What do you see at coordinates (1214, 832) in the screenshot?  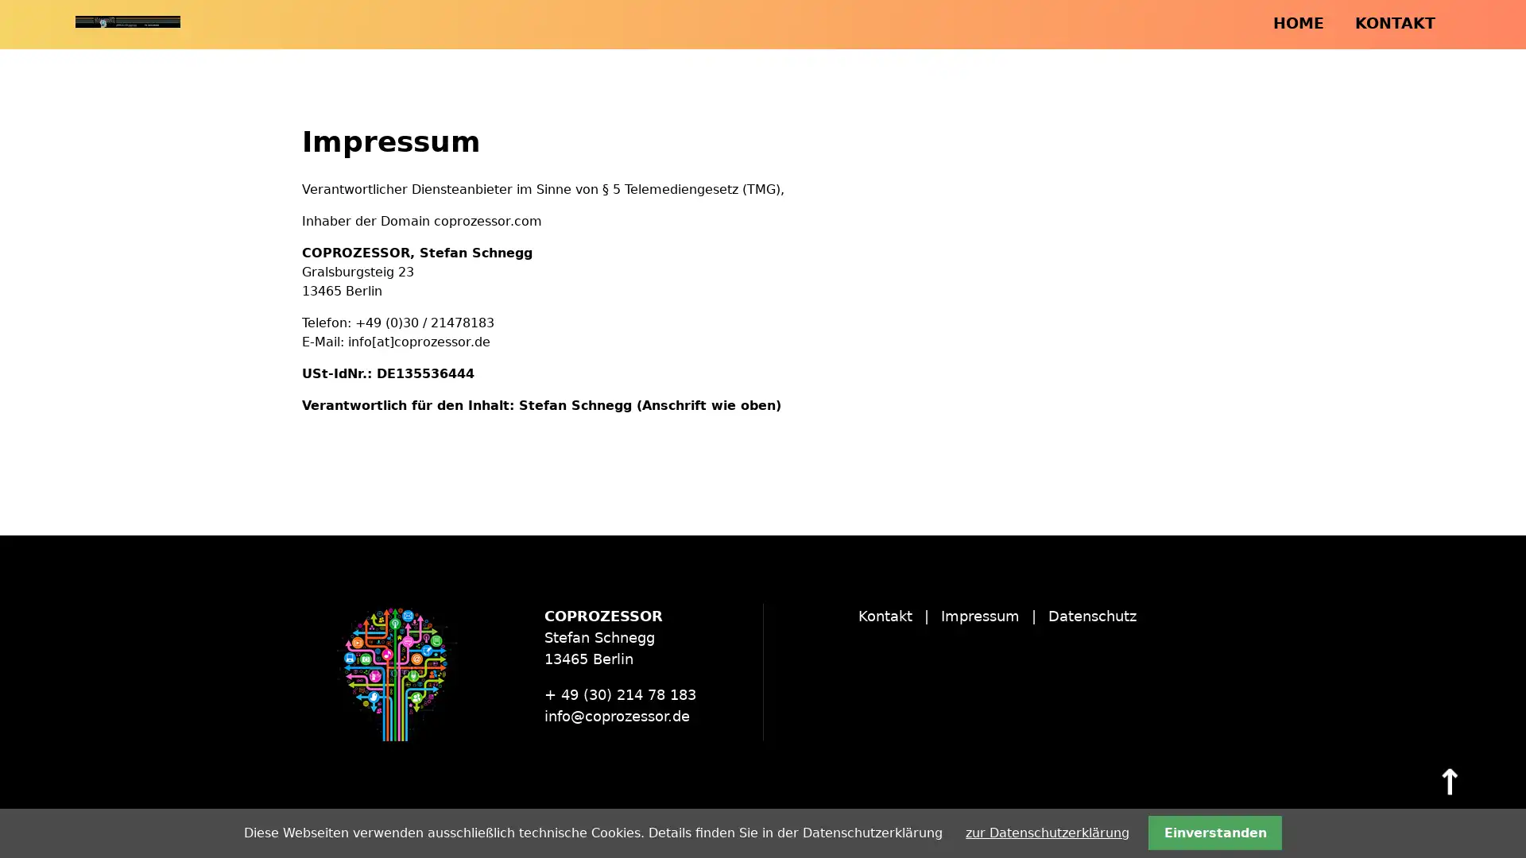 I see `Einverstanden` at bounding box center [1214, 832].